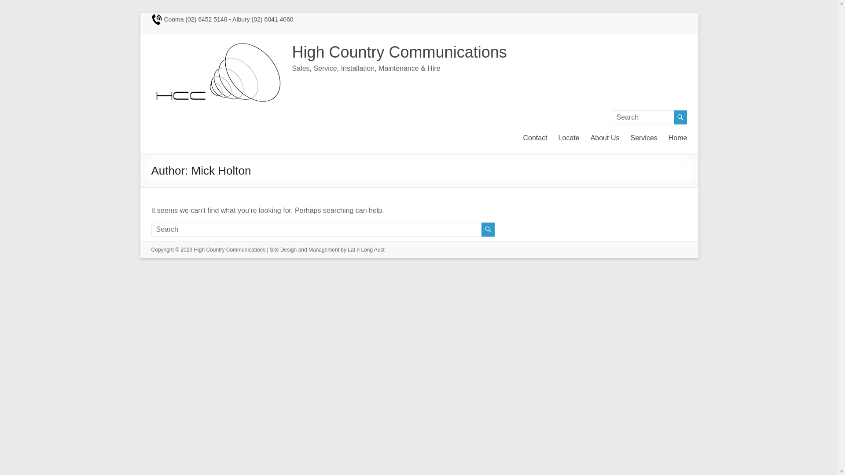 The height and width of the screenshot is (475, 845). What do you see at coordinates (643, 137) in the screenshot?
I see `'Services'` at bounding box center [643, 137].